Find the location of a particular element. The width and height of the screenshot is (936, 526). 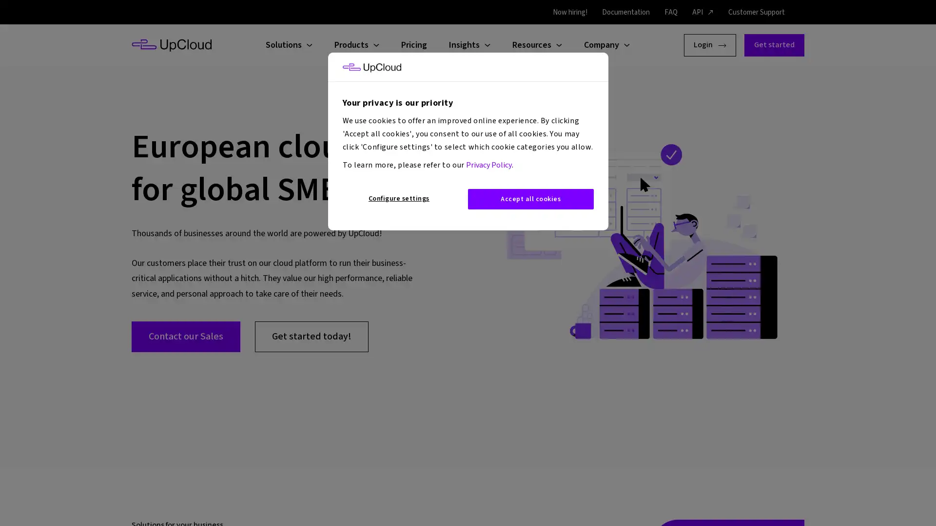

Open child menu for Company is located at coordinates (627, 45).